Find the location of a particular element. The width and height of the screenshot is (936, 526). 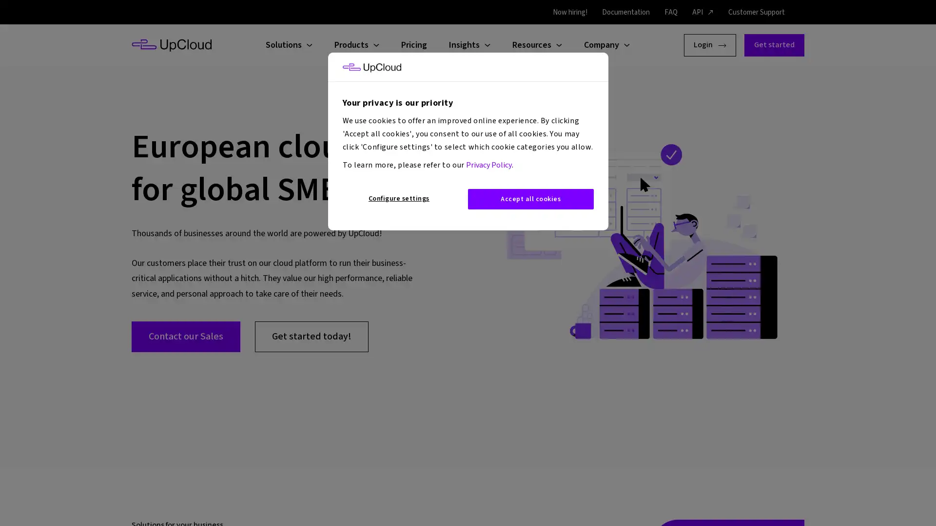

Open child menu for Company is located at coordinates (627, 45).